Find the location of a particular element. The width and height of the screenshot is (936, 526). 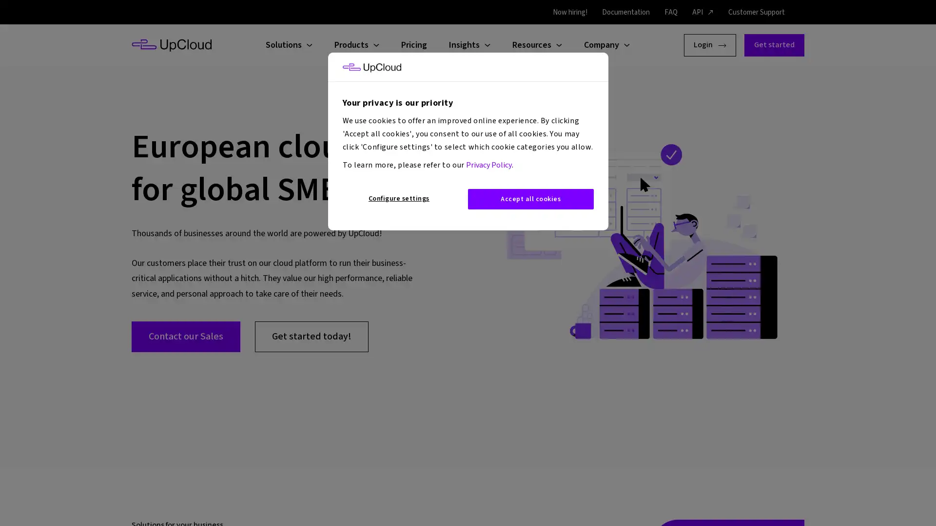

Open child menu for Company is located at coordinates (627, 45).